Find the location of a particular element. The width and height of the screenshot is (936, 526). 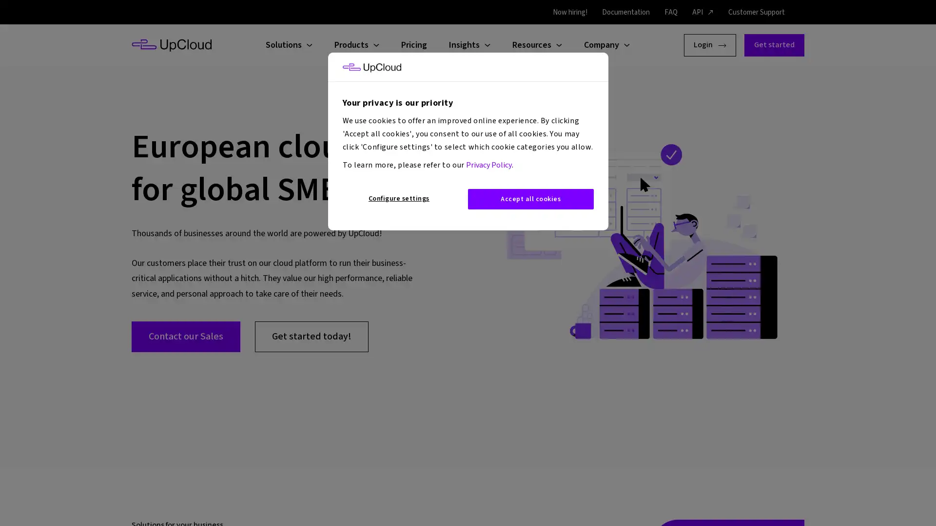

Open child menu for Company is located at coordinates (627, 45).